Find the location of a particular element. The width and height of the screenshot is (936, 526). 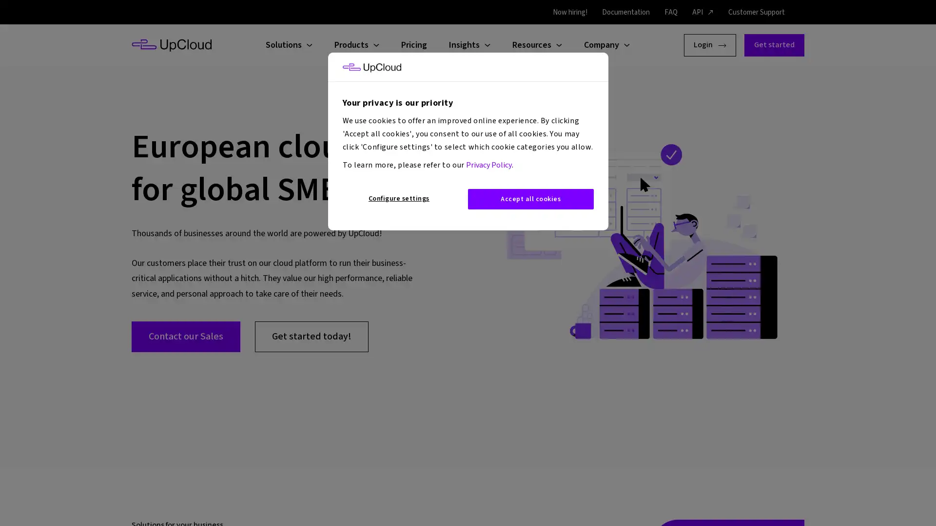

Open child menu for Company is located at coordinates (627, 45).